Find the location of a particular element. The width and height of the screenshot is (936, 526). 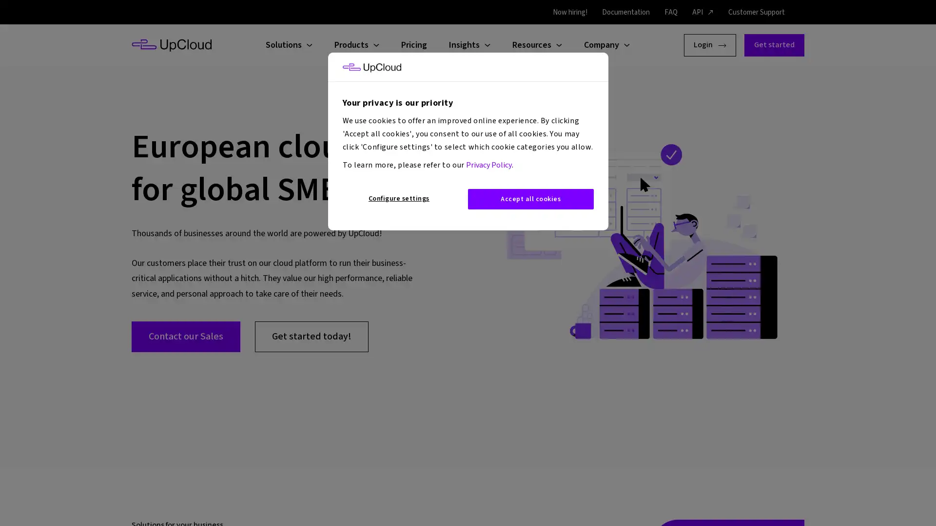

Open child menu for Company is located at coordinates (627, 45).